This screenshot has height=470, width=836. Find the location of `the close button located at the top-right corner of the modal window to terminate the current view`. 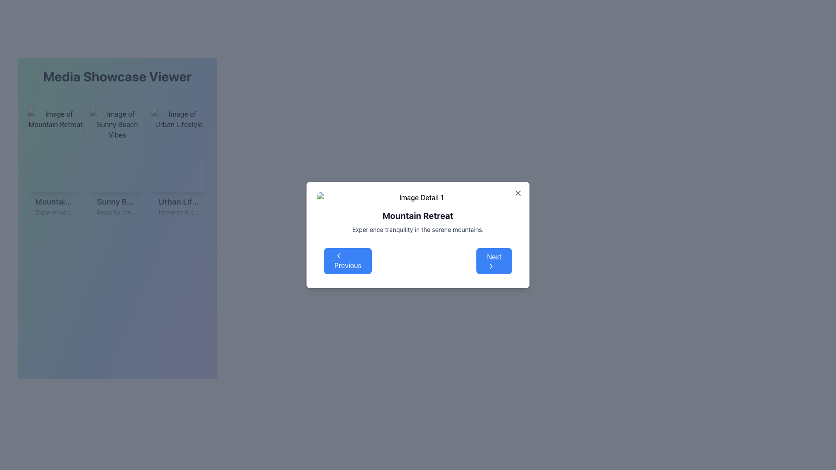

the close button located at the top-right corner of the modal window to terminate the current view is located at coordinates (518, 192).